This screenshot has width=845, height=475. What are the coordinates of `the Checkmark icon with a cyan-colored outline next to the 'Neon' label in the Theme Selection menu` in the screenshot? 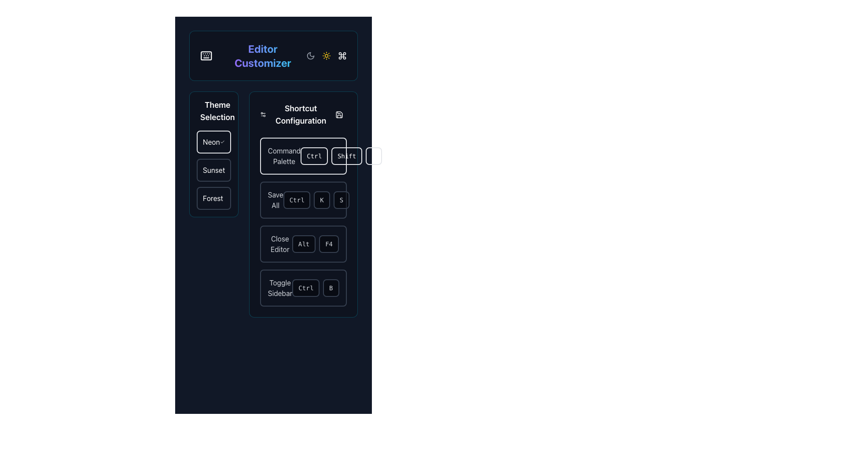 It's located at (222, 142).